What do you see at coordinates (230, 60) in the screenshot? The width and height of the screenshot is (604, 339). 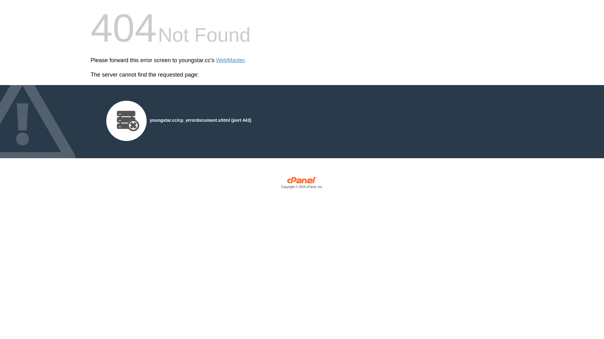 I see `'WebMaster'` at bounding box center [230, 60].